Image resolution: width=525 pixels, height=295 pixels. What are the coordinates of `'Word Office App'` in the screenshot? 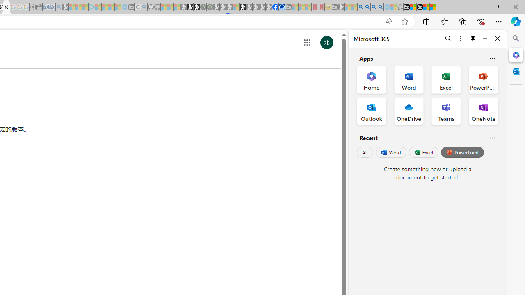 It's located at (409, 80).